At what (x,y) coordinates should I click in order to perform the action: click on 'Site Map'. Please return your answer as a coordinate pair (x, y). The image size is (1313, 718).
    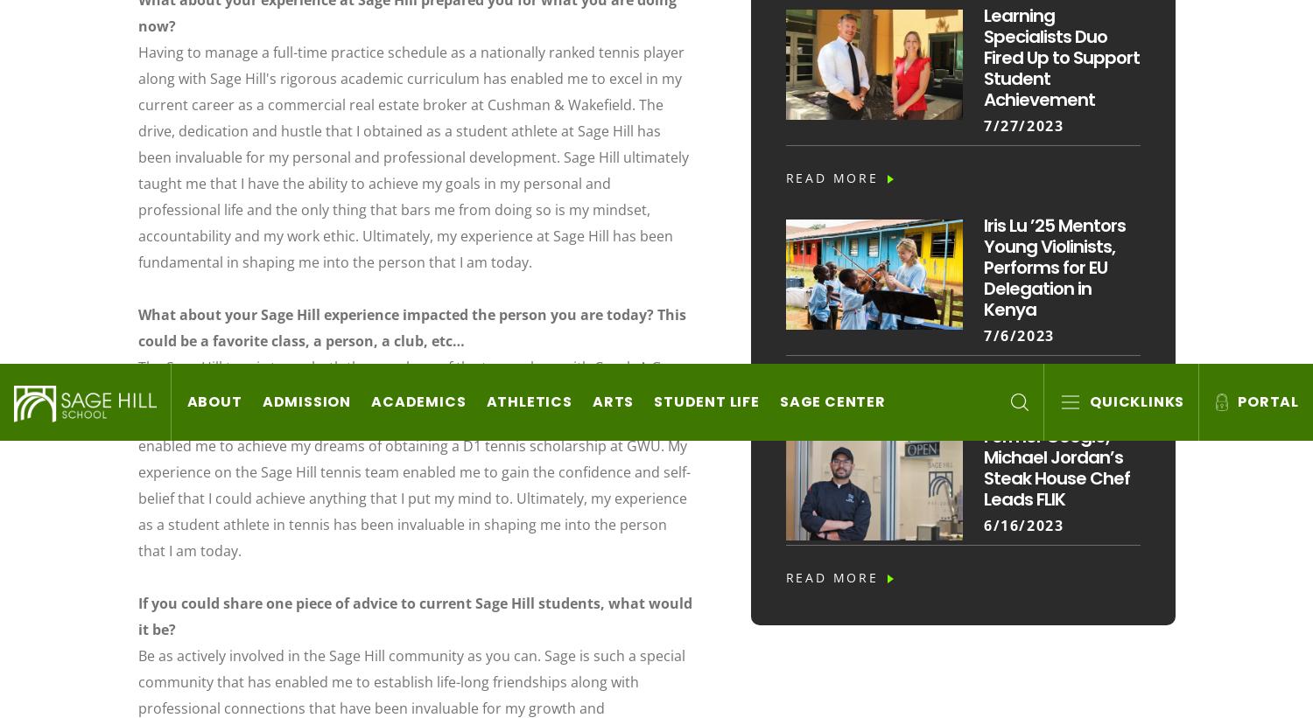
    Looking at the image, I should click on (899, 325).